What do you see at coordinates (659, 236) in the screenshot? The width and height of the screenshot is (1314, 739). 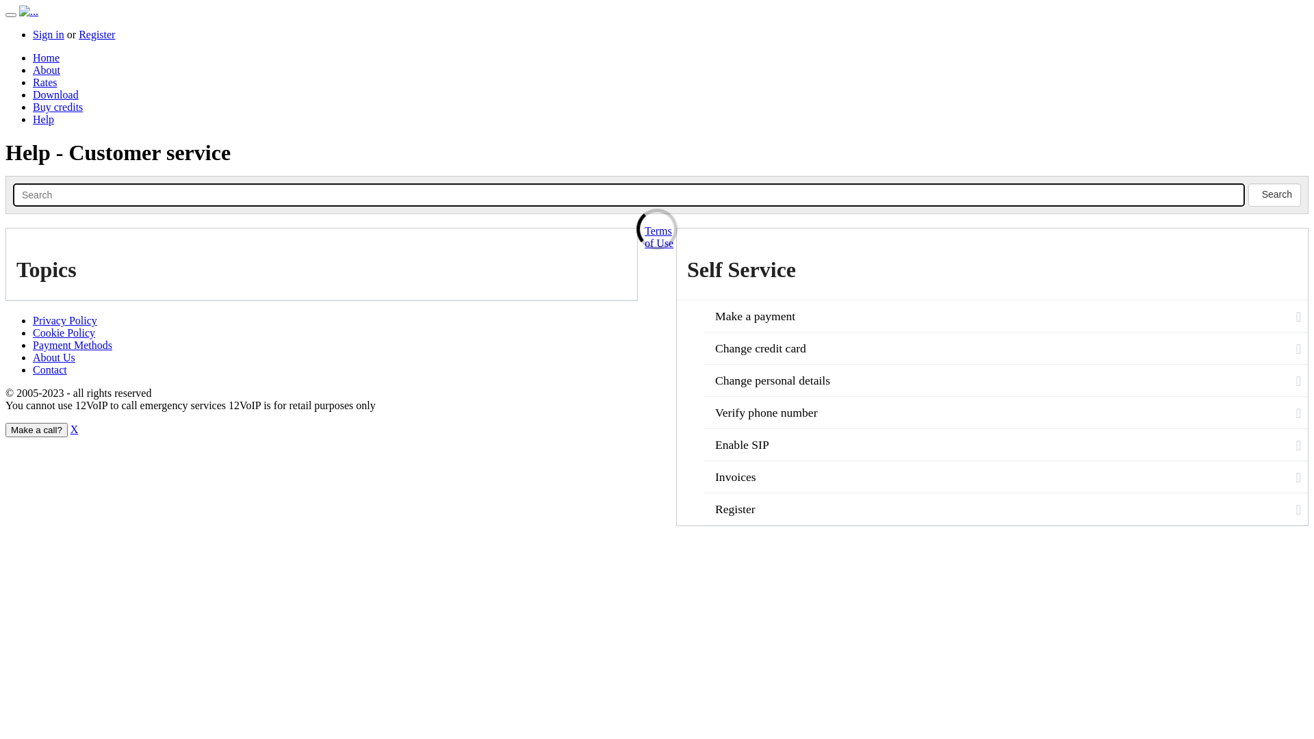 I see `'Terms of Use'` at bounding box center [659, 236].